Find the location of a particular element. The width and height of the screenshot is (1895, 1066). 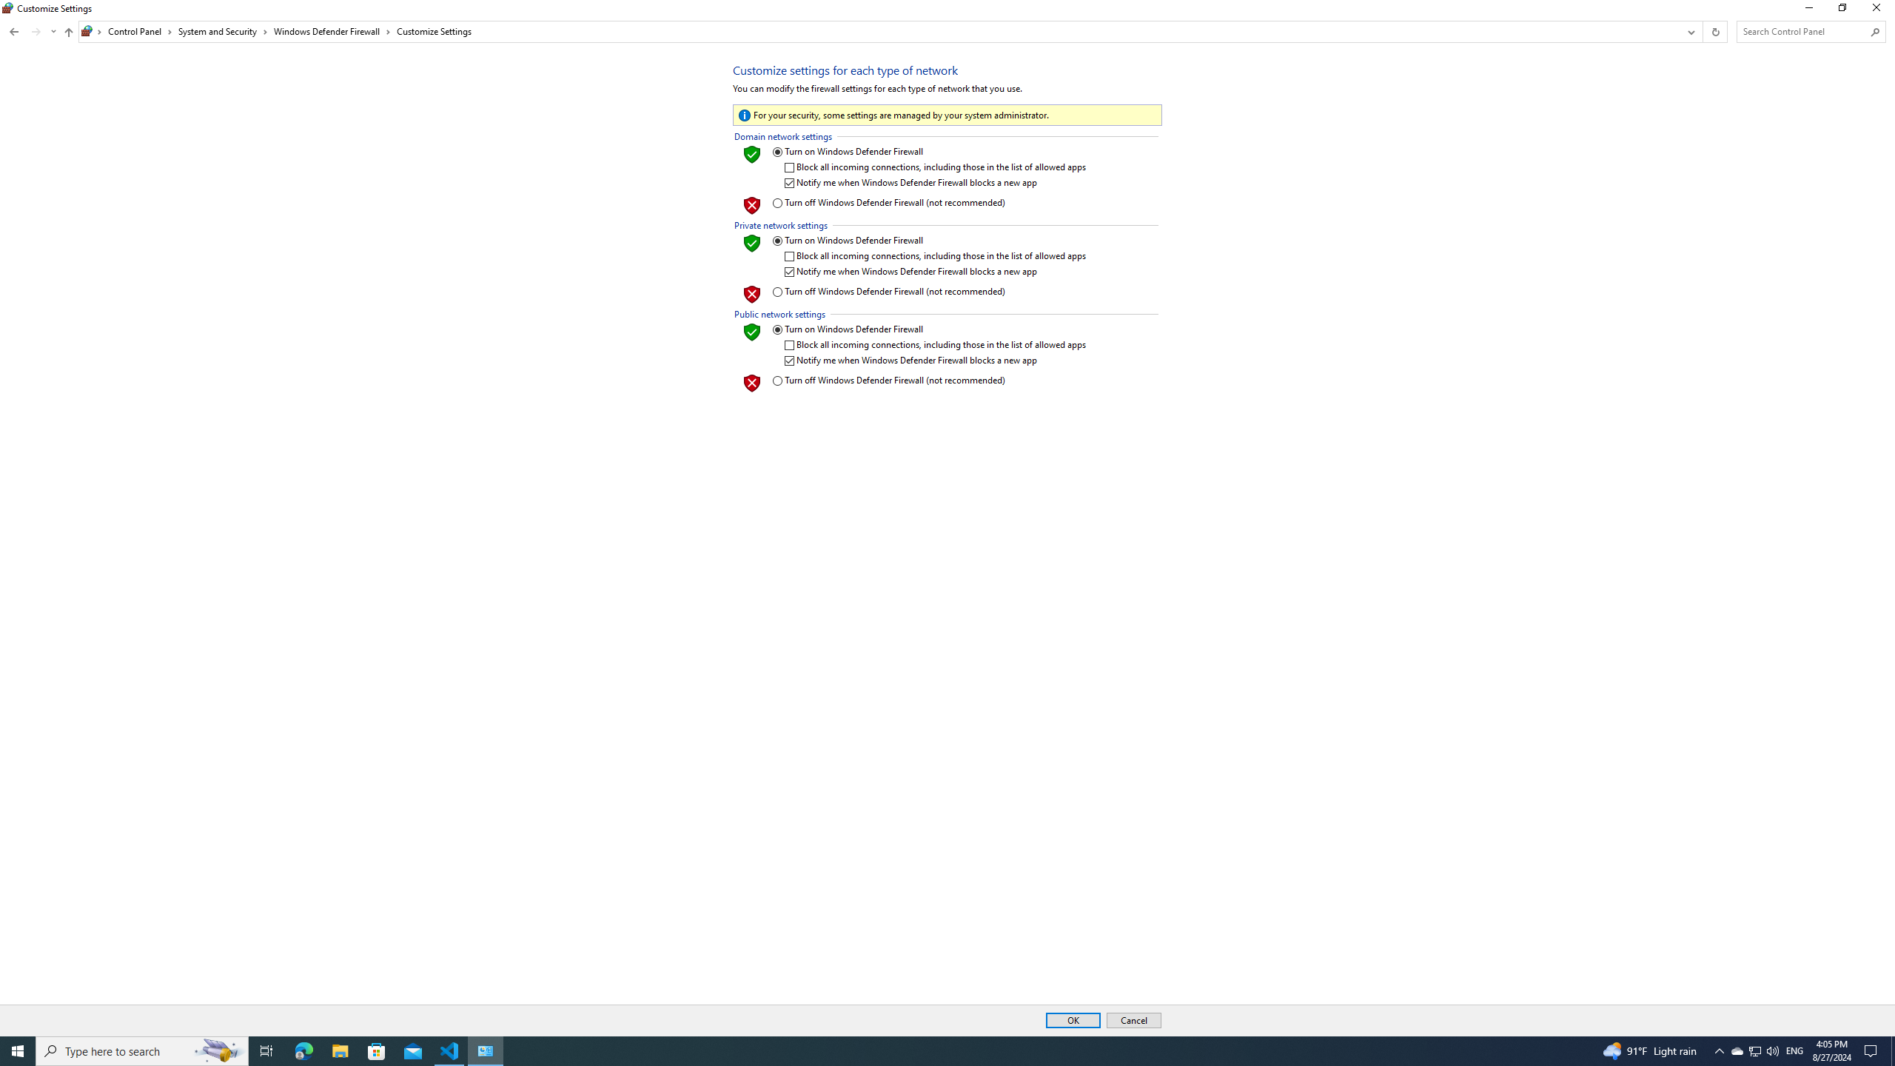

'Close' is located at coordinates (1879, 11).